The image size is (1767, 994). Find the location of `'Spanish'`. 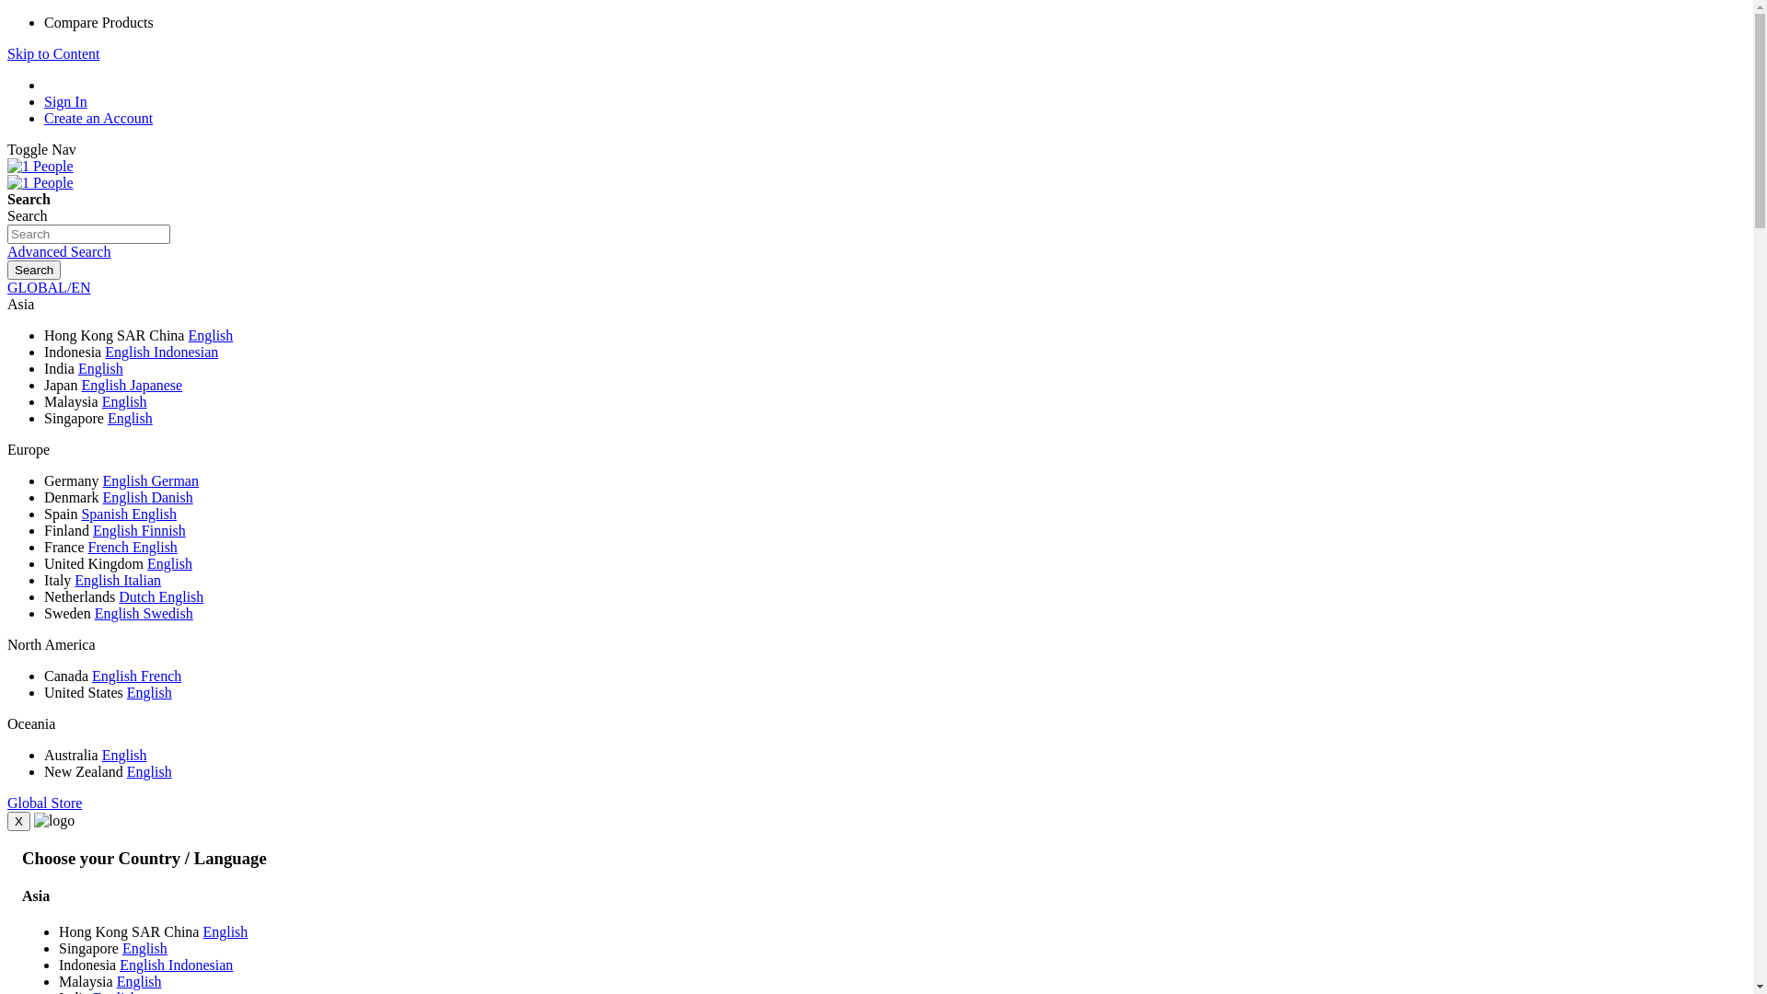

'Spanish' is located at coordinates (105, 514).